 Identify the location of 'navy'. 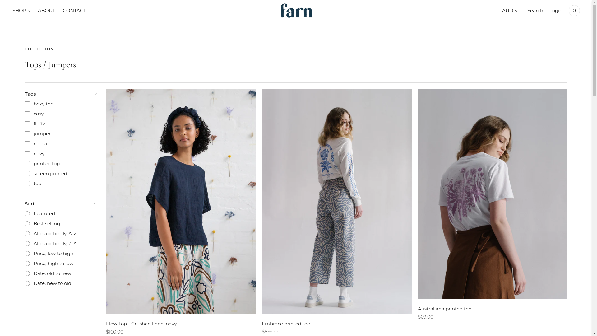
(21, 153).